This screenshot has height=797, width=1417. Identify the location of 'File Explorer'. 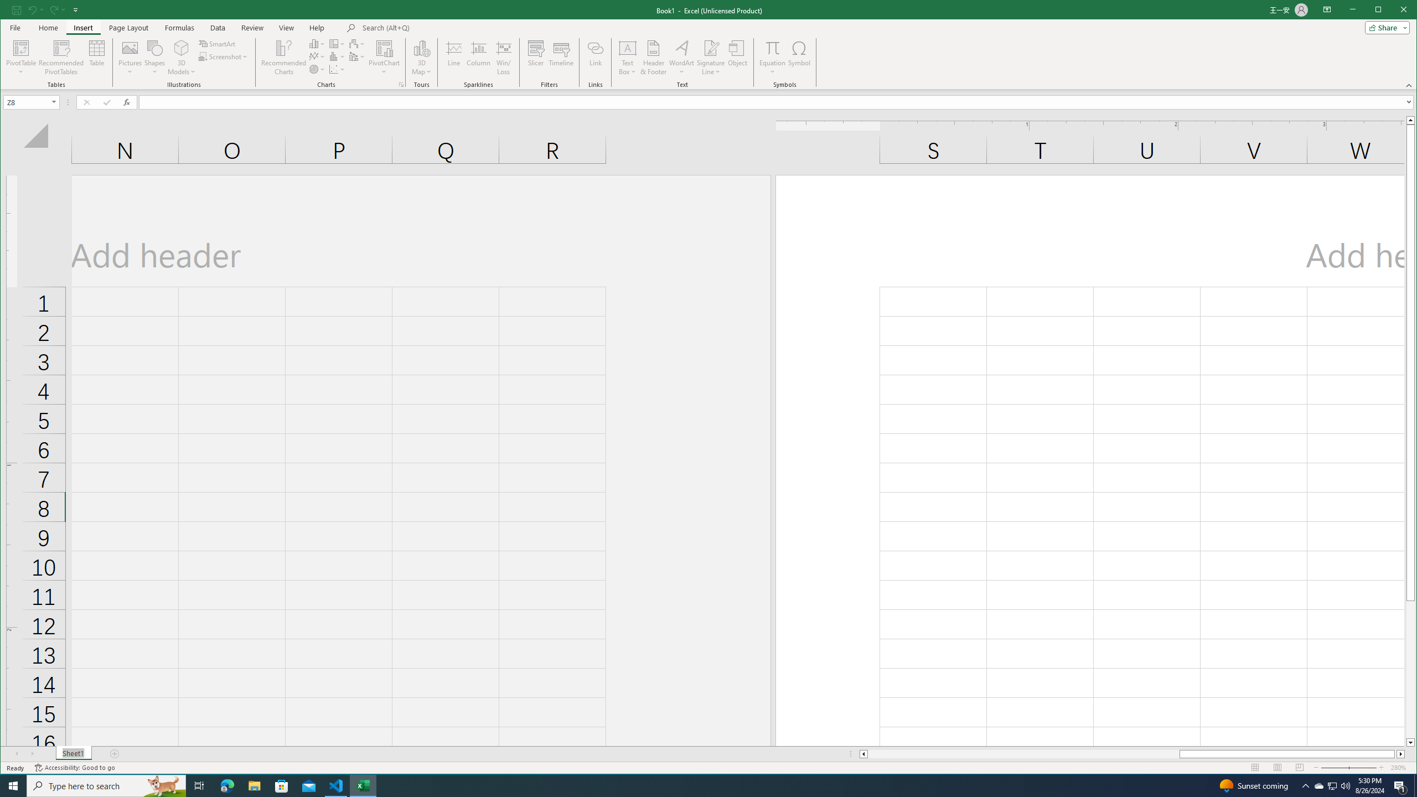
(254, 785).